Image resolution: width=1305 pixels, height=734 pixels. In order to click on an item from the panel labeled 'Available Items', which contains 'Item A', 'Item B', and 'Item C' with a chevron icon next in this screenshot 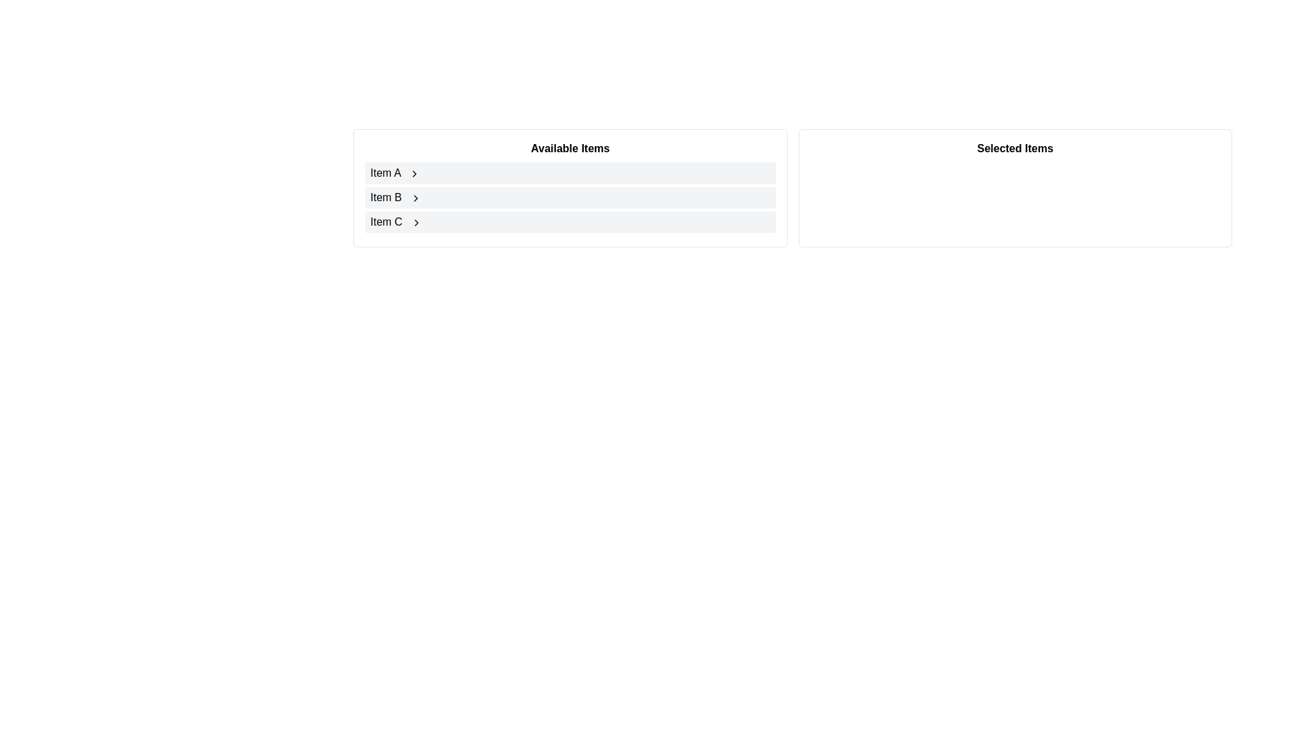, I will do `click(570, 188)`.